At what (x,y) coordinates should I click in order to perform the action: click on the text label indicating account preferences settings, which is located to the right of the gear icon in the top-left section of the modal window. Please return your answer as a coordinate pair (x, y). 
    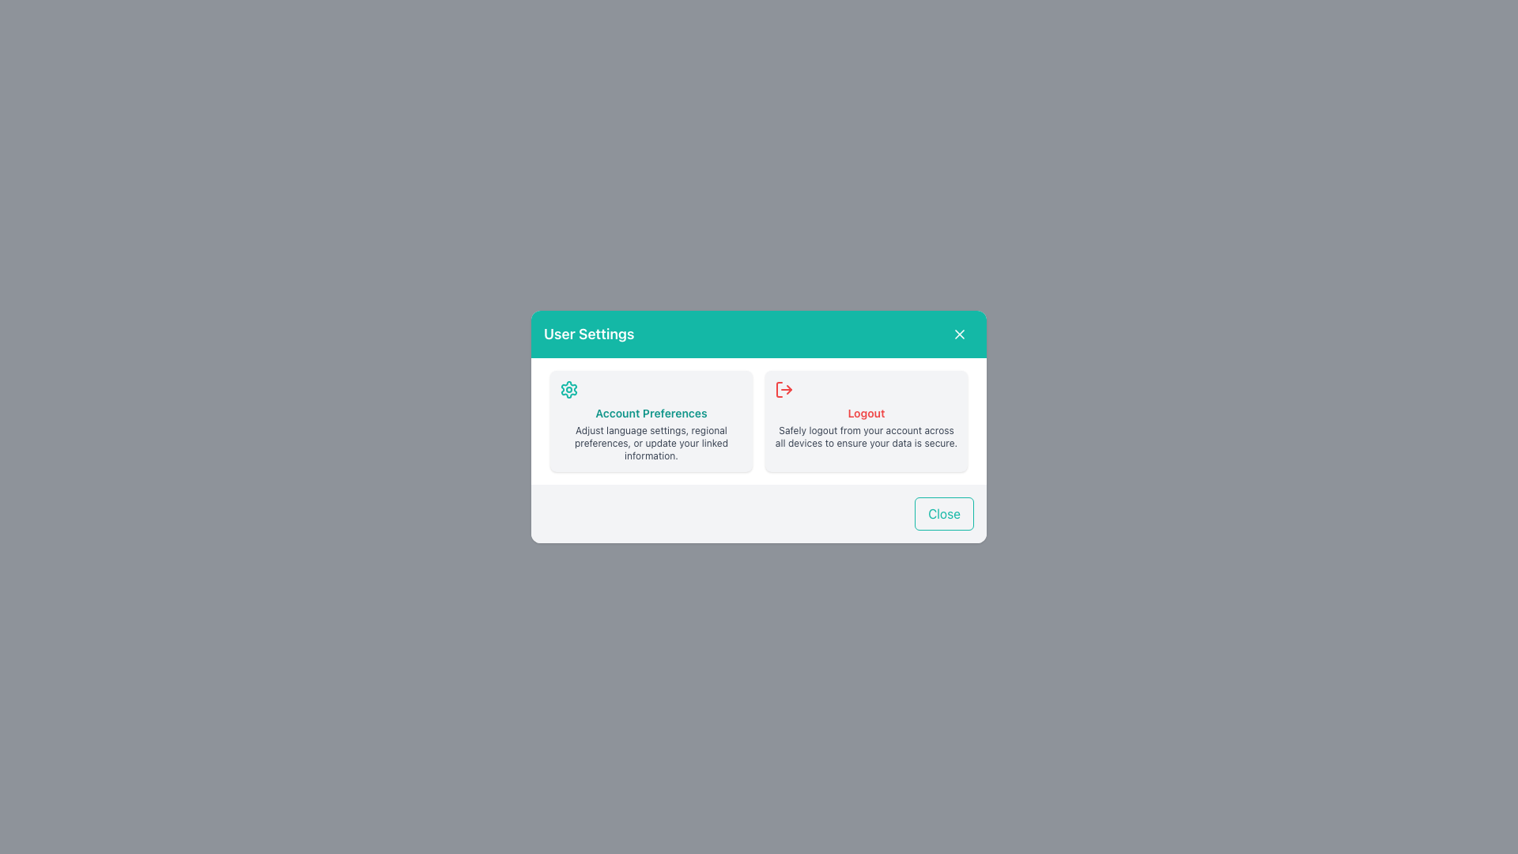
    Looking at the image, I should click on (651, 413).